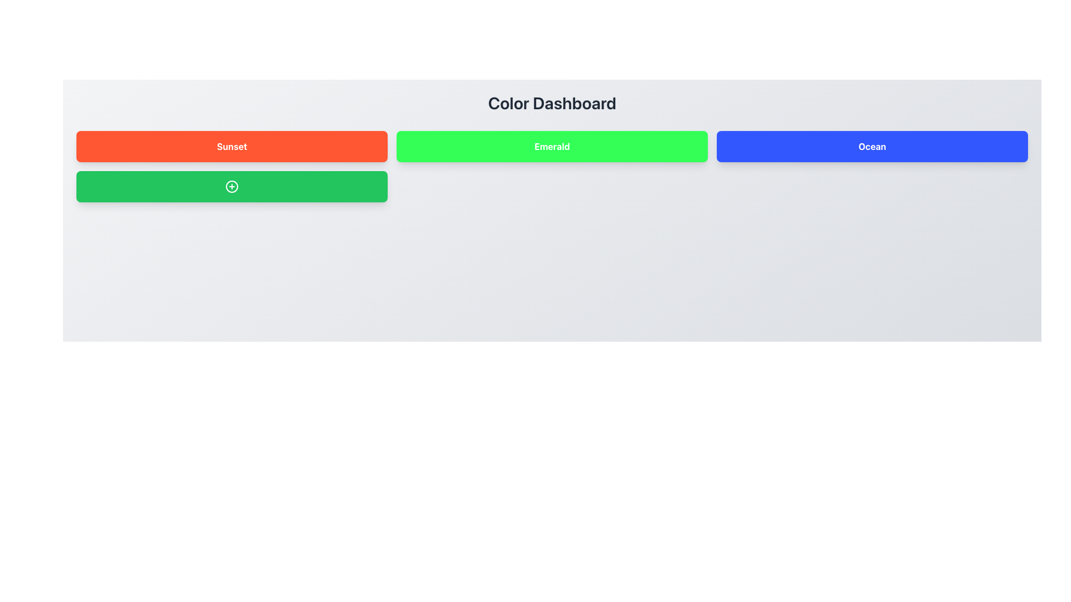 The height and width of the screenshot is (602, 1071). Describe the element at coordinates (231, 186) in the screenshot. I see `the green button located below the Sunset label section on the leftmost side of the grid` at that location.